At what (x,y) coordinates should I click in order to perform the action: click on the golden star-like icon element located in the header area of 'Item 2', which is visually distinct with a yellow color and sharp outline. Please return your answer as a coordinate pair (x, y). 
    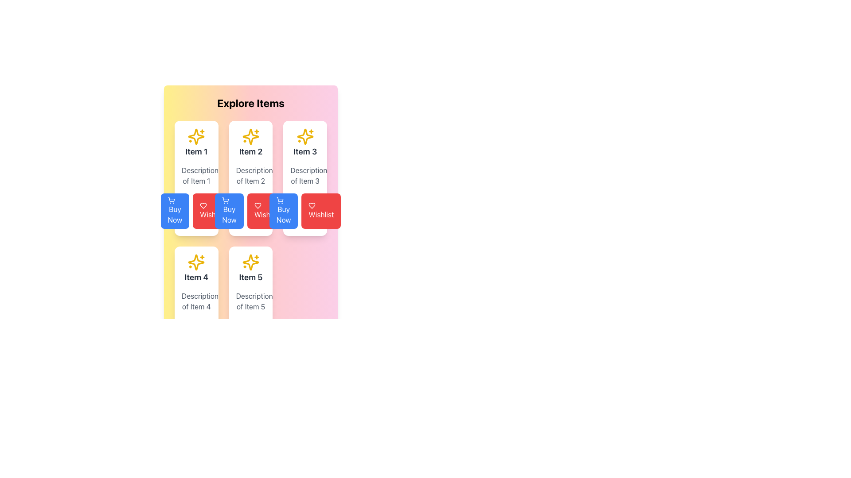
    Looking at the image, I should click on (250, 136).